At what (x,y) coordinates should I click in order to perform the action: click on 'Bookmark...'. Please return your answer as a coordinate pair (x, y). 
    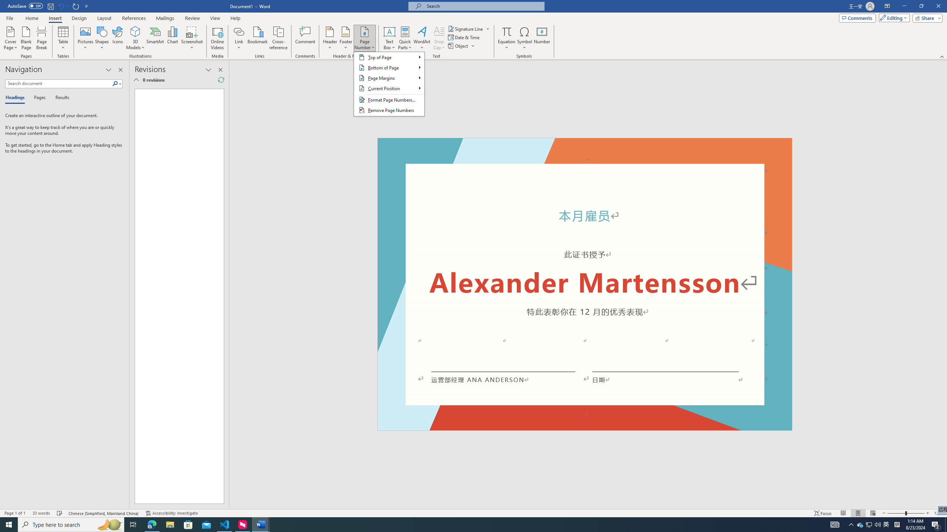
    Looking at the image, I should click on (258, 38).